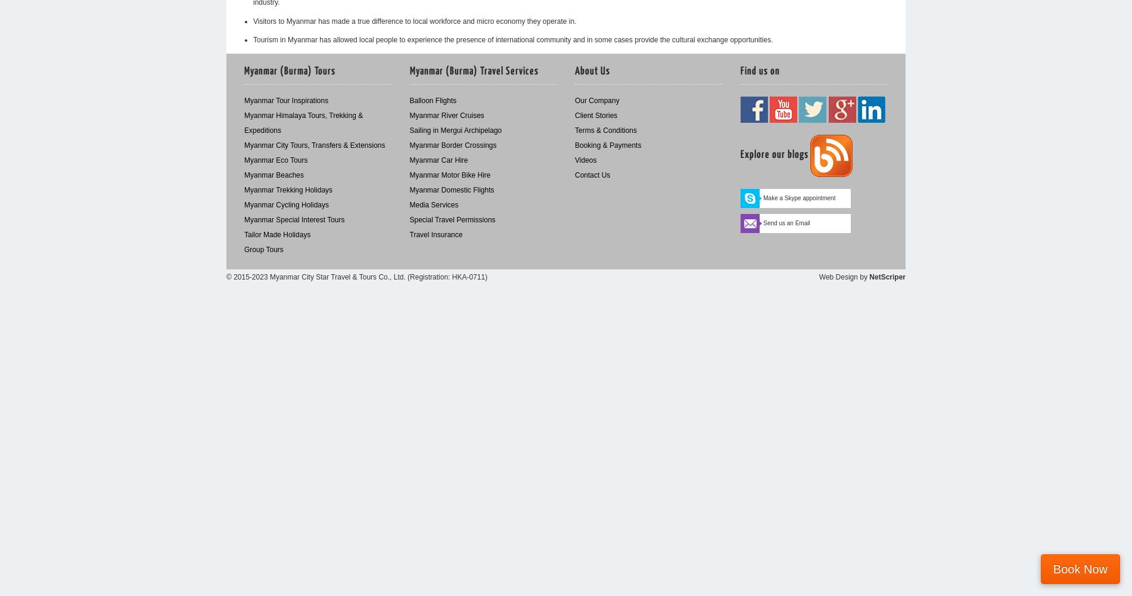 This screenshot has height=596, width=1132. Describe the element at coordinates (575, 71) in the screenshot. I see `'About Us'` at that location.